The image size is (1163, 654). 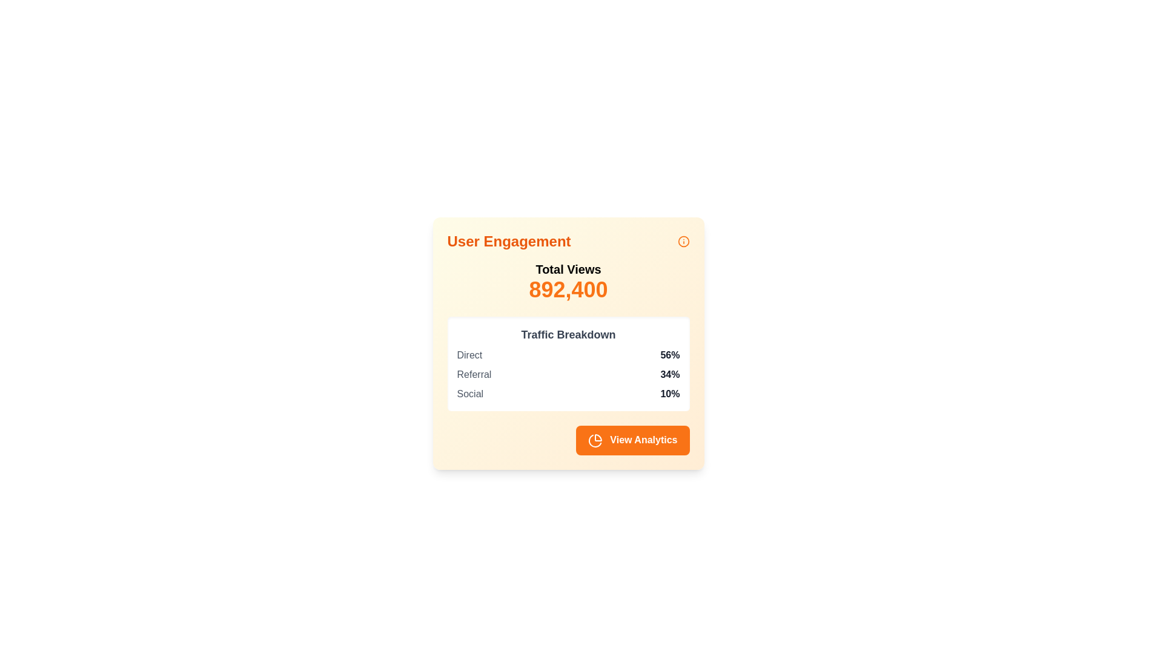 I want to click on the Text Display element that shows the number '892,400' in a large, bold, orange font, located directly beneath 'Total Views', so click(x=568, y=289).